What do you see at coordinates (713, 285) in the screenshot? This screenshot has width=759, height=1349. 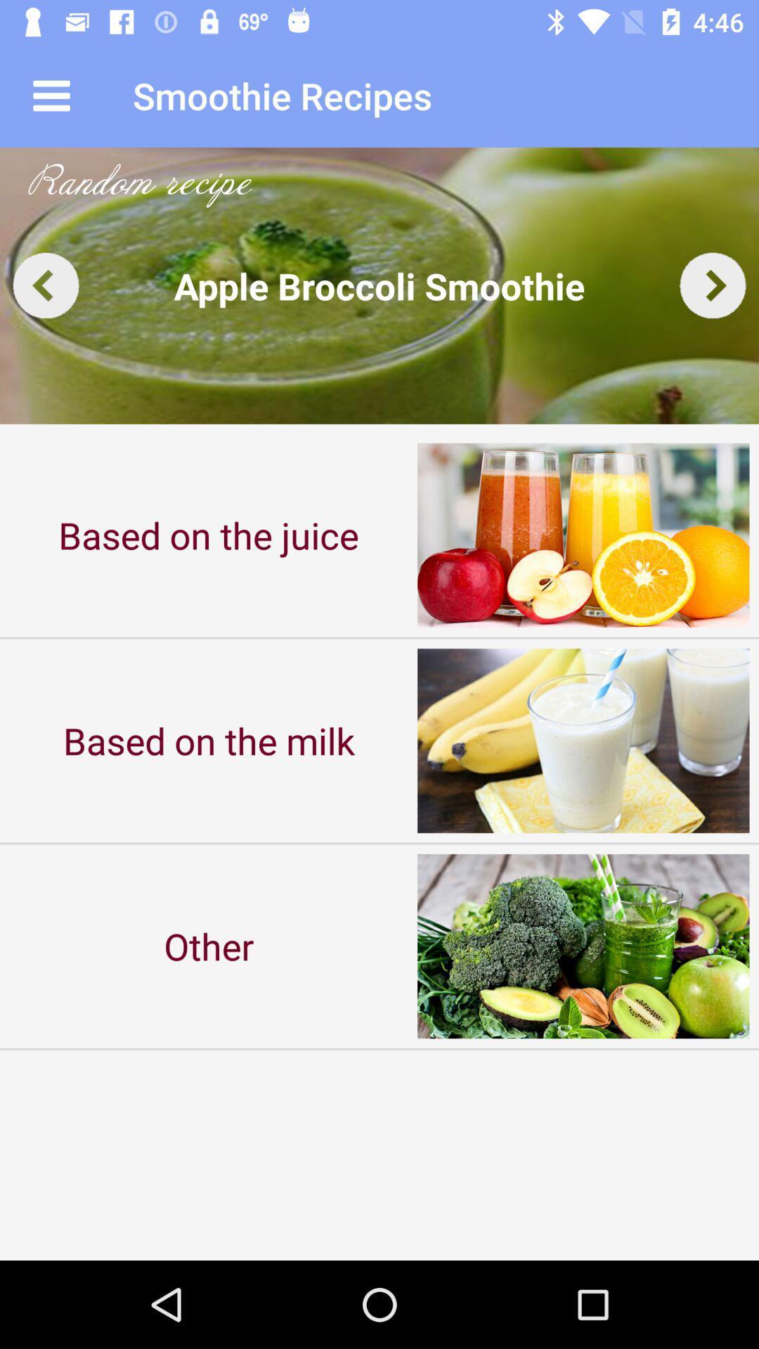 I see `next recipe` at bounding box center [713, 285].